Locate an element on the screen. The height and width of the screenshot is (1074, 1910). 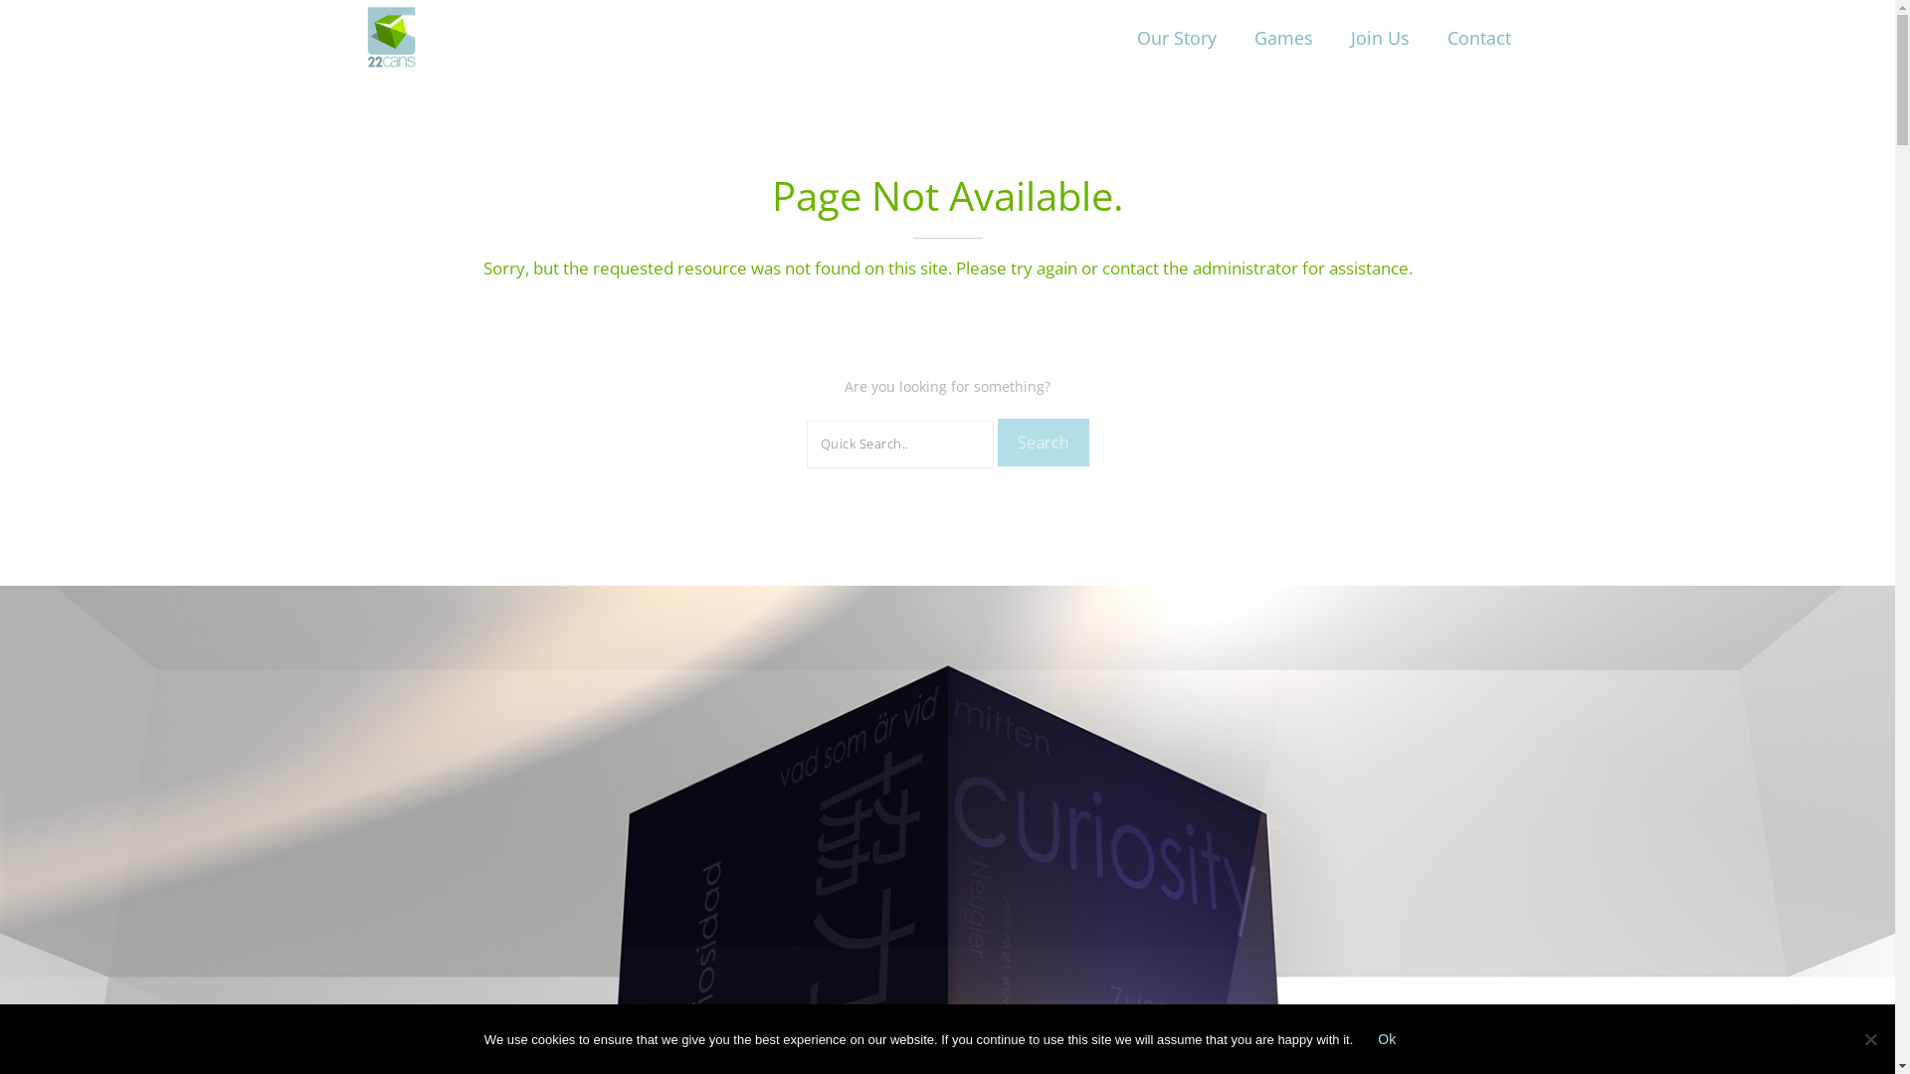
'Join Us' is located at coordinates (1378, 37).